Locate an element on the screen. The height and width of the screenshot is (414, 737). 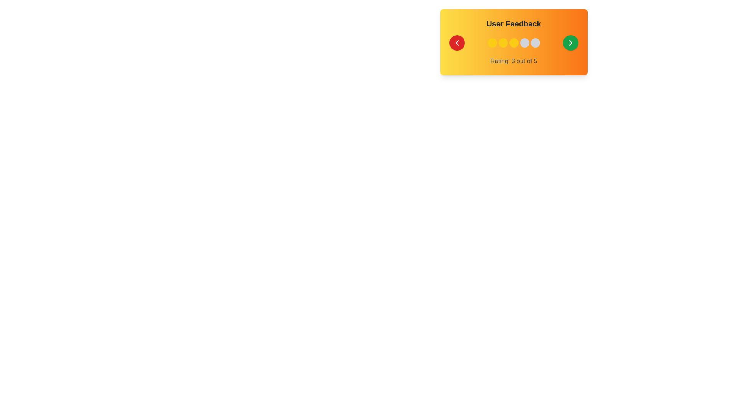
the third rating button in the feedback section is located at coordinates (514, 43).